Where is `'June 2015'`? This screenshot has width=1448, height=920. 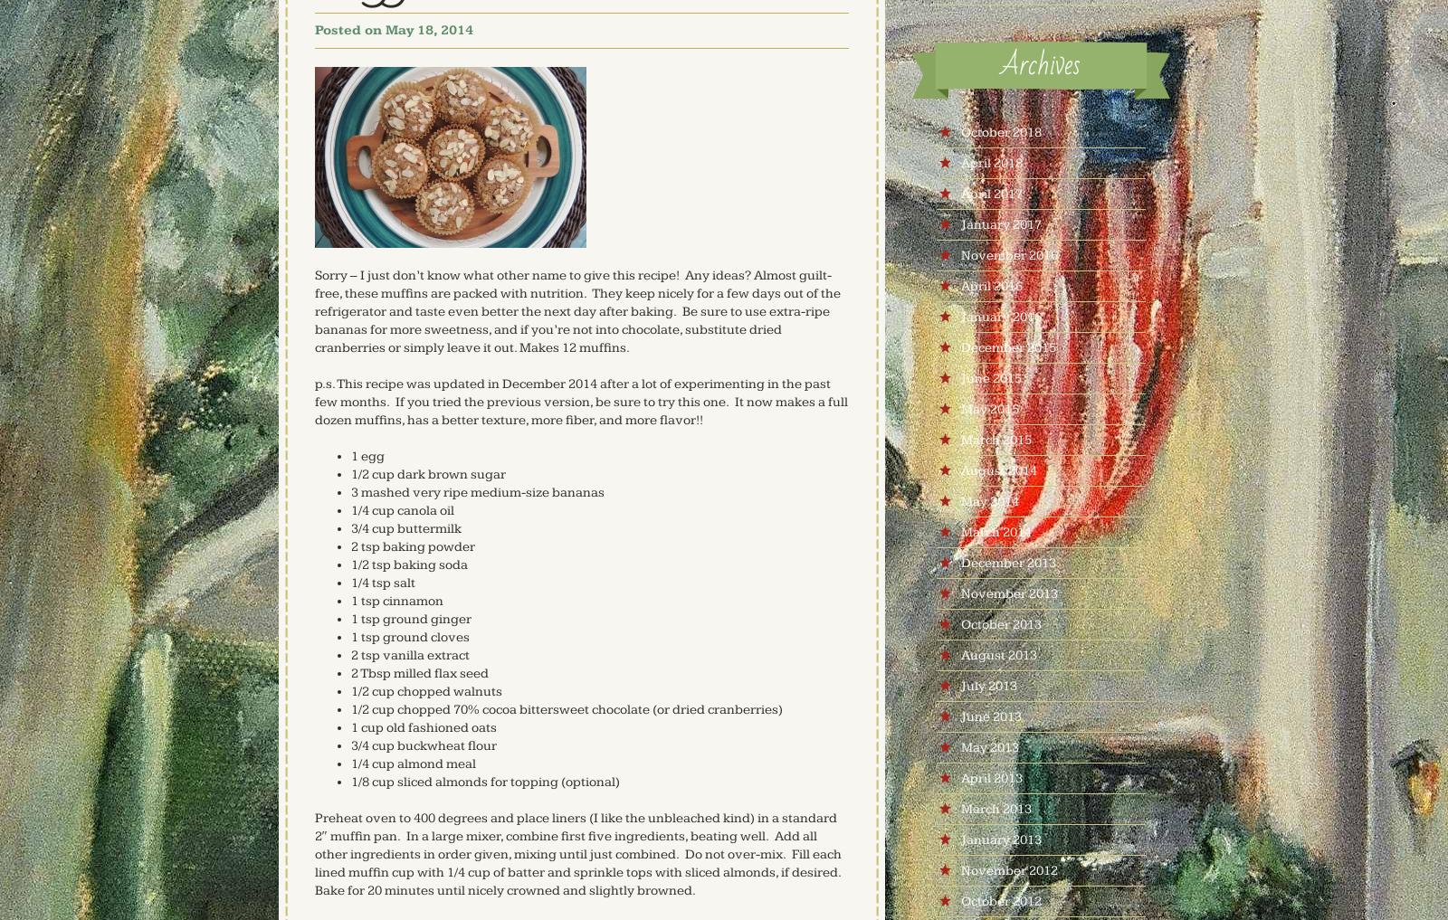 'June 2015' is located at coordinates (990, 378).